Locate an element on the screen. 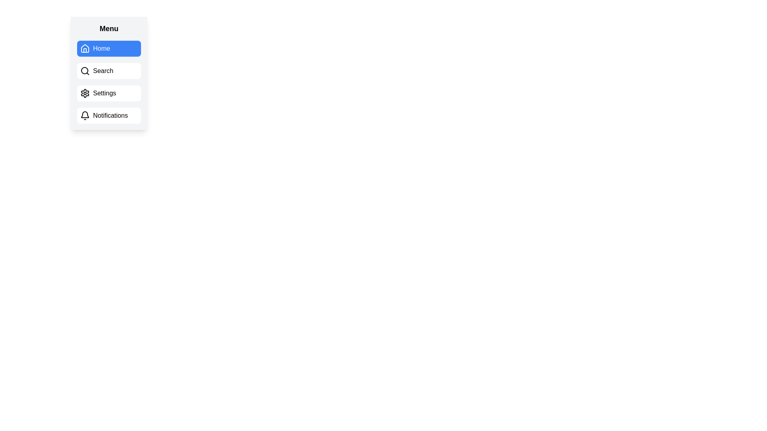 This screenshot has width=767, height=431. the bold, capitalized 'Menu' static text label at the top of the menu panel is located at coordinates (109, 28).